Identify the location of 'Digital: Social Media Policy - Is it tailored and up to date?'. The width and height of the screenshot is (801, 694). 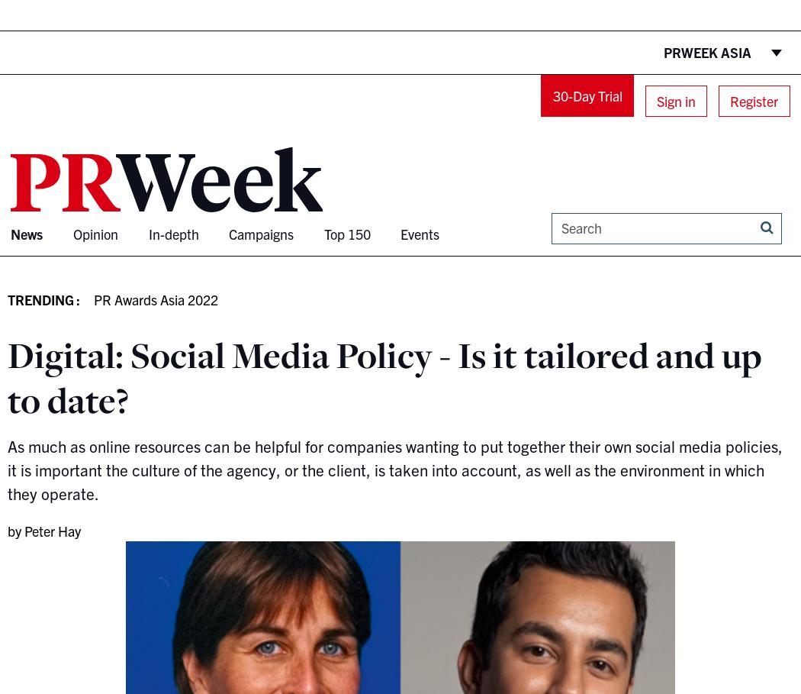
(384, 376).